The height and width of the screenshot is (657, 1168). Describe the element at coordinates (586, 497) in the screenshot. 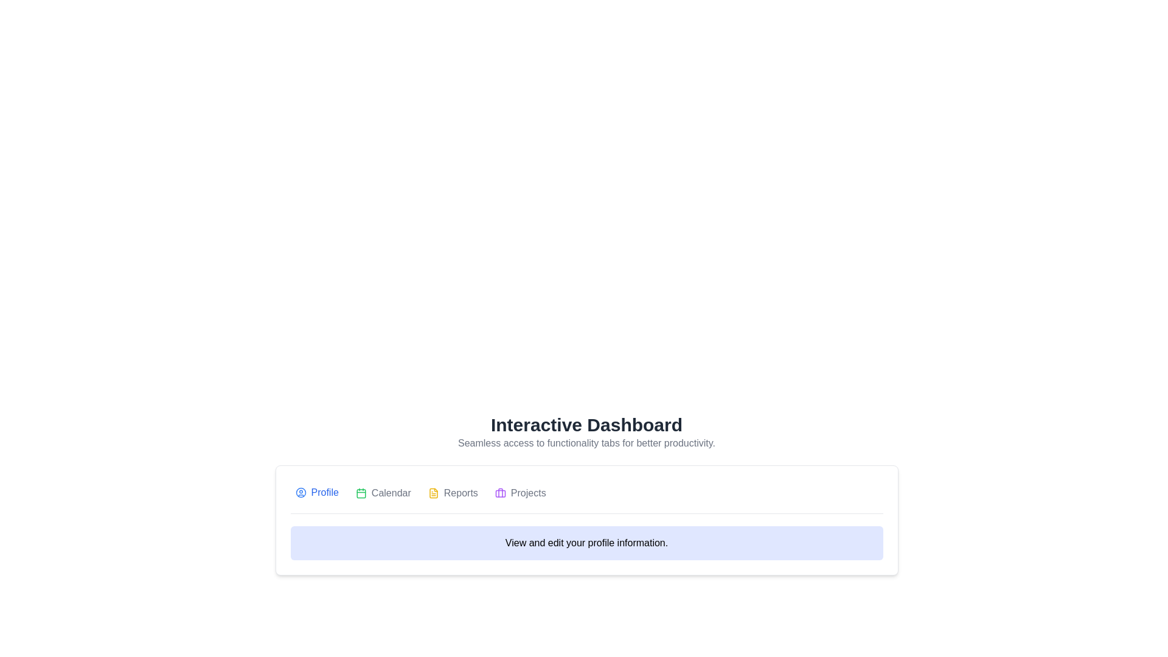

I see `the active tab in the navigation bar located near the center of the interface` at that location.